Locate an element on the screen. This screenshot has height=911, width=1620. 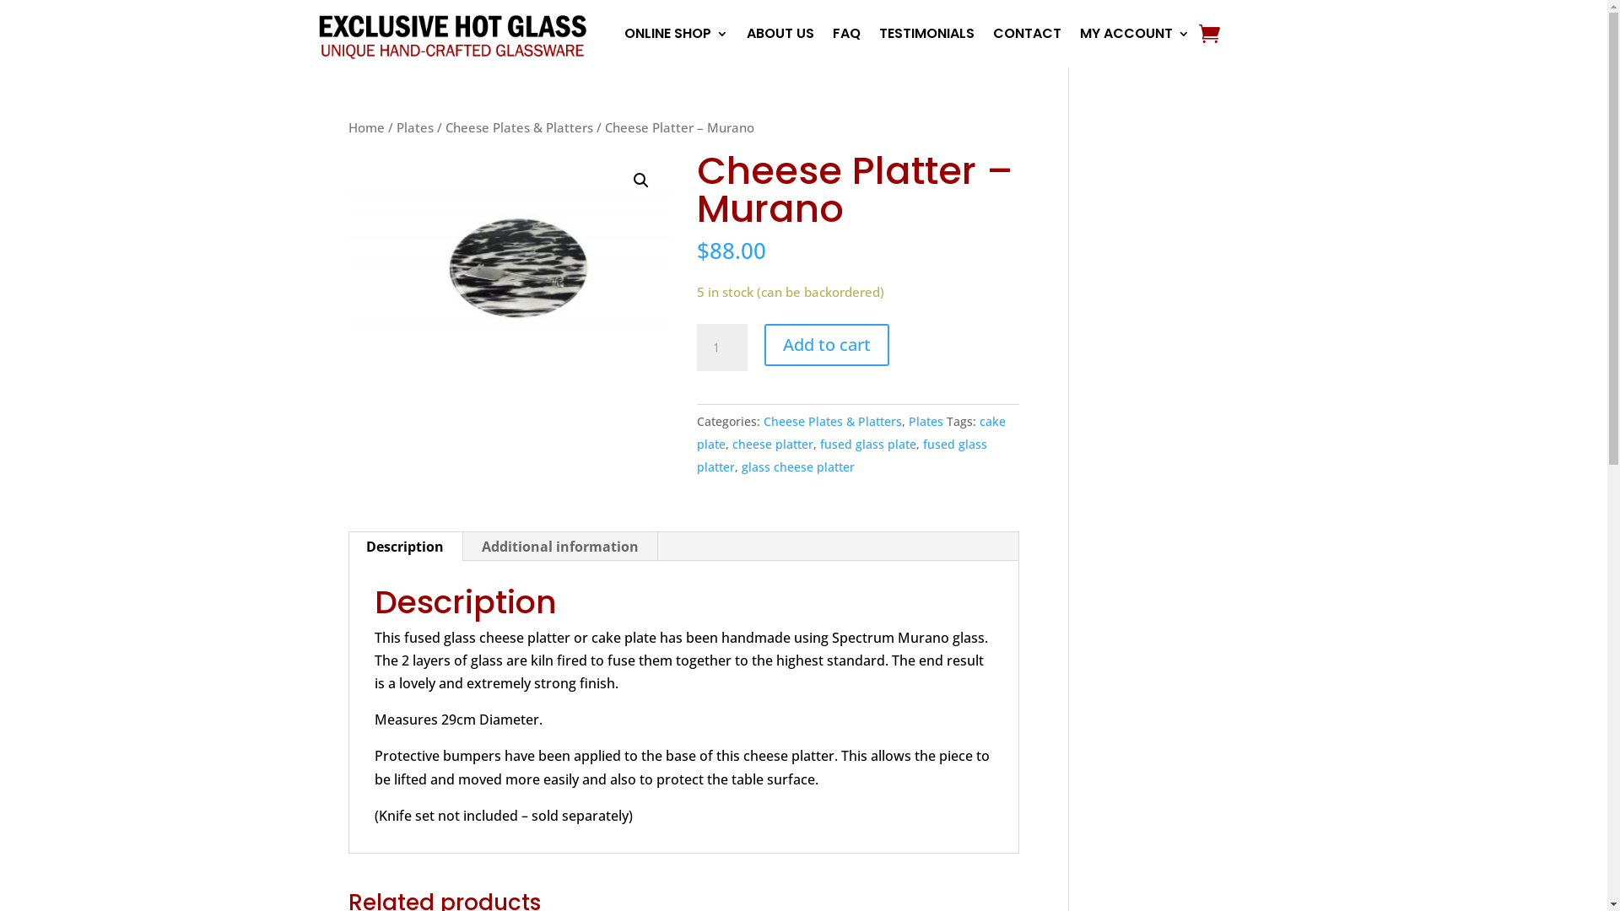
'fused glass plate' is located at coordinates (867, 443).